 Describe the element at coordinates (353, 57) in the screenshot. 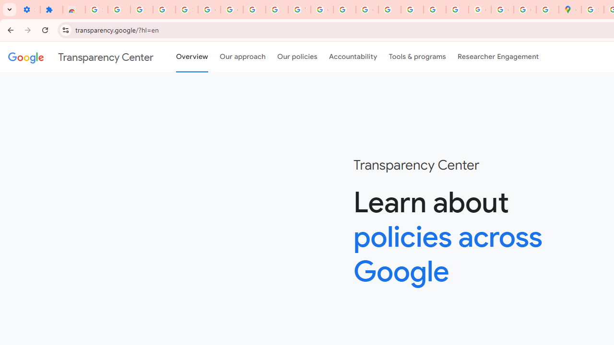

I see `'Accountability'` at that location.